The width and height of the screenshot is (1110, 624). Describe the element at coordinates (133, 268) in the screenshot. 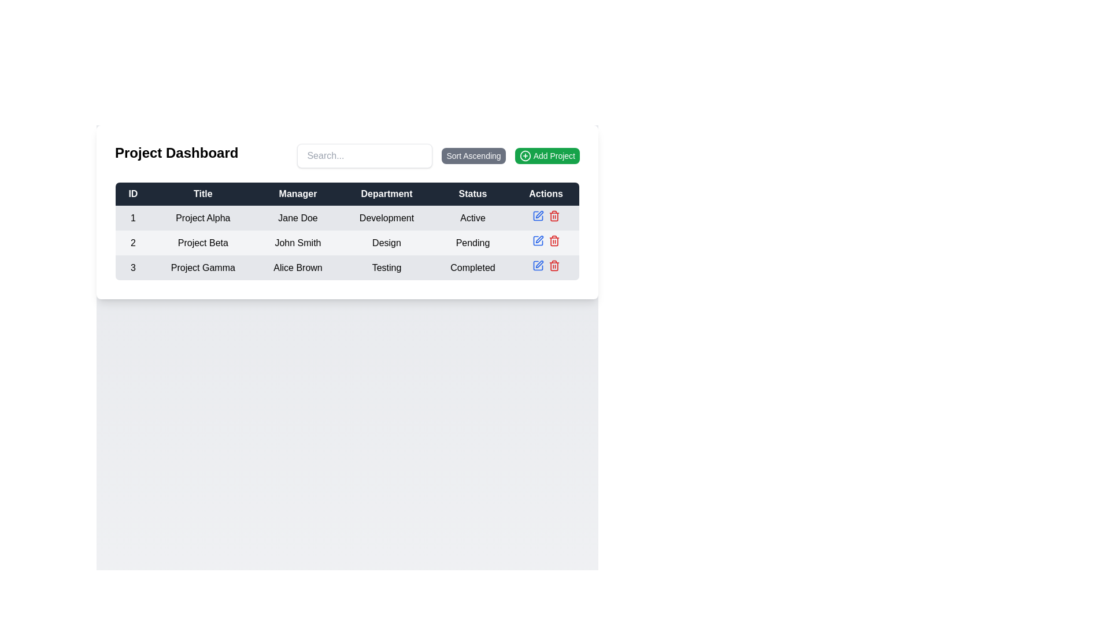

I see `the static text label displaying the numeric value '3', which is located in the first cell of the third row under the 'ID' column in the tabular layout for 'Project Gamma'` at that location.